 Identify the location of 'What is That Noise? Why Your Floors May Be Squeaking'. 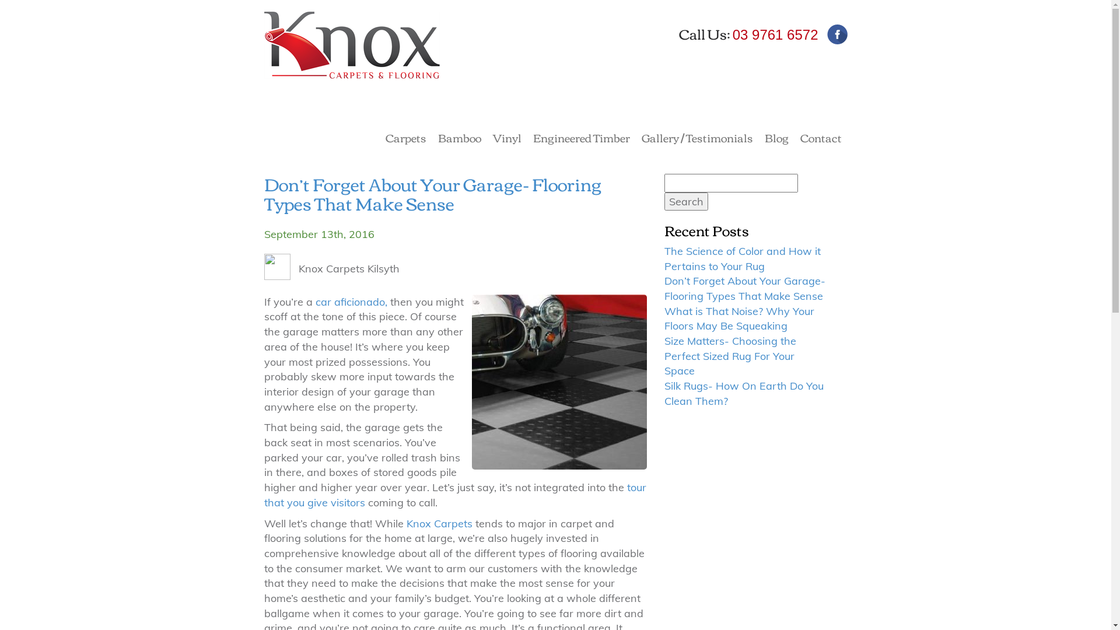
(738, 318).